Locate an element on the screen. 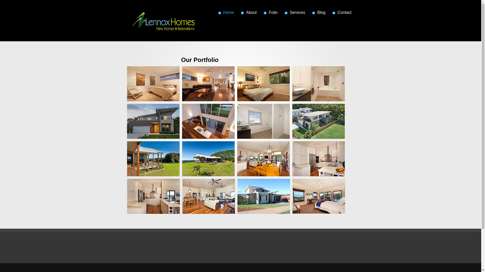  'Home' is located at coordinates (226, 12).